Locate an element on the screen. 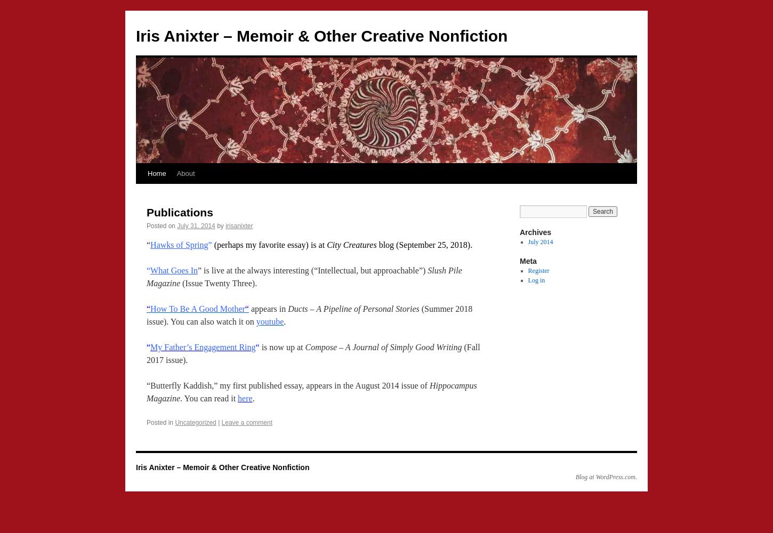  'Hawks of Spring' is located at coordinates (179, 244).